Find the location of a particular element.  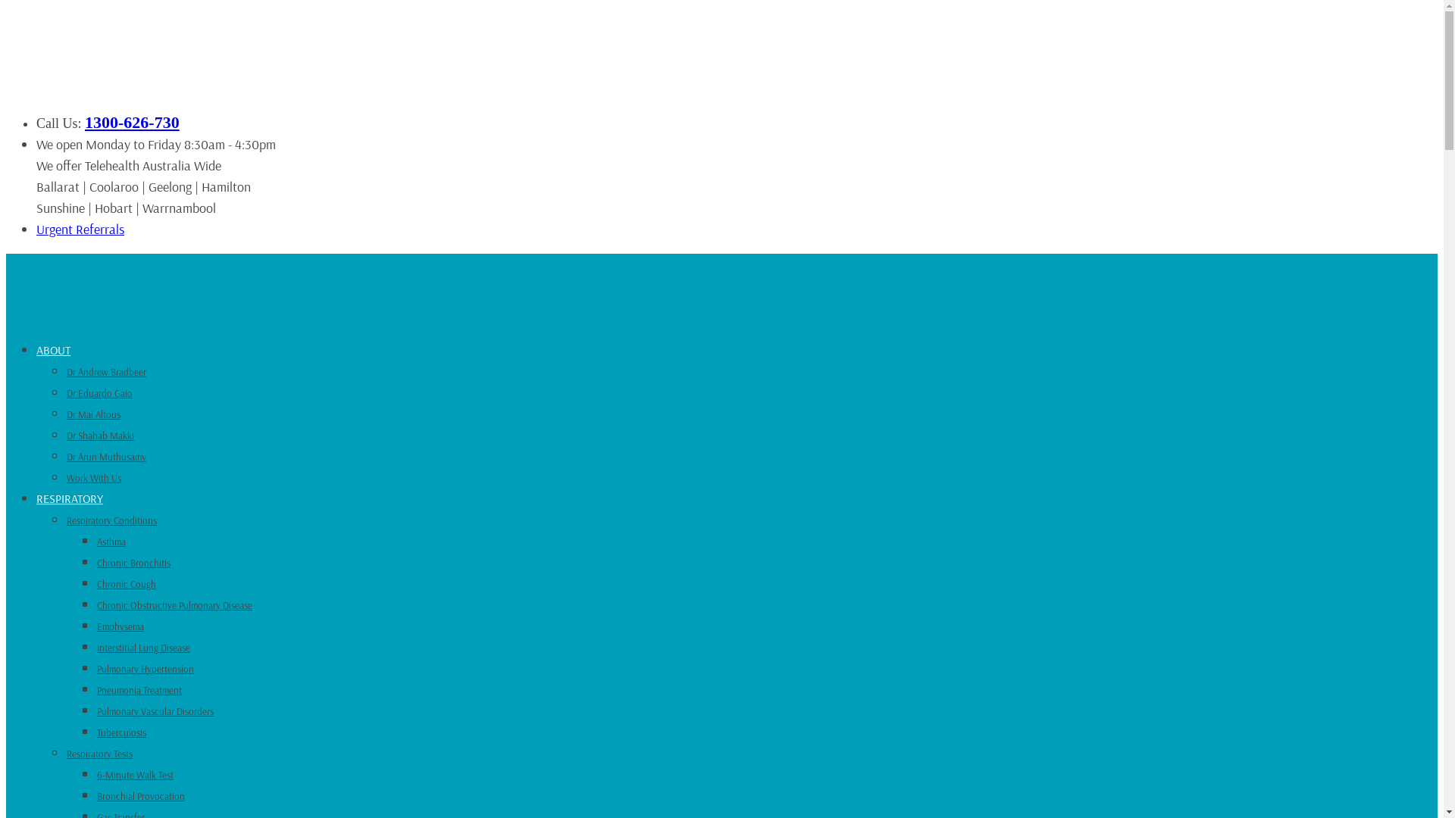

'6-Minute Walk Test' is located at coordinates (135, 774).